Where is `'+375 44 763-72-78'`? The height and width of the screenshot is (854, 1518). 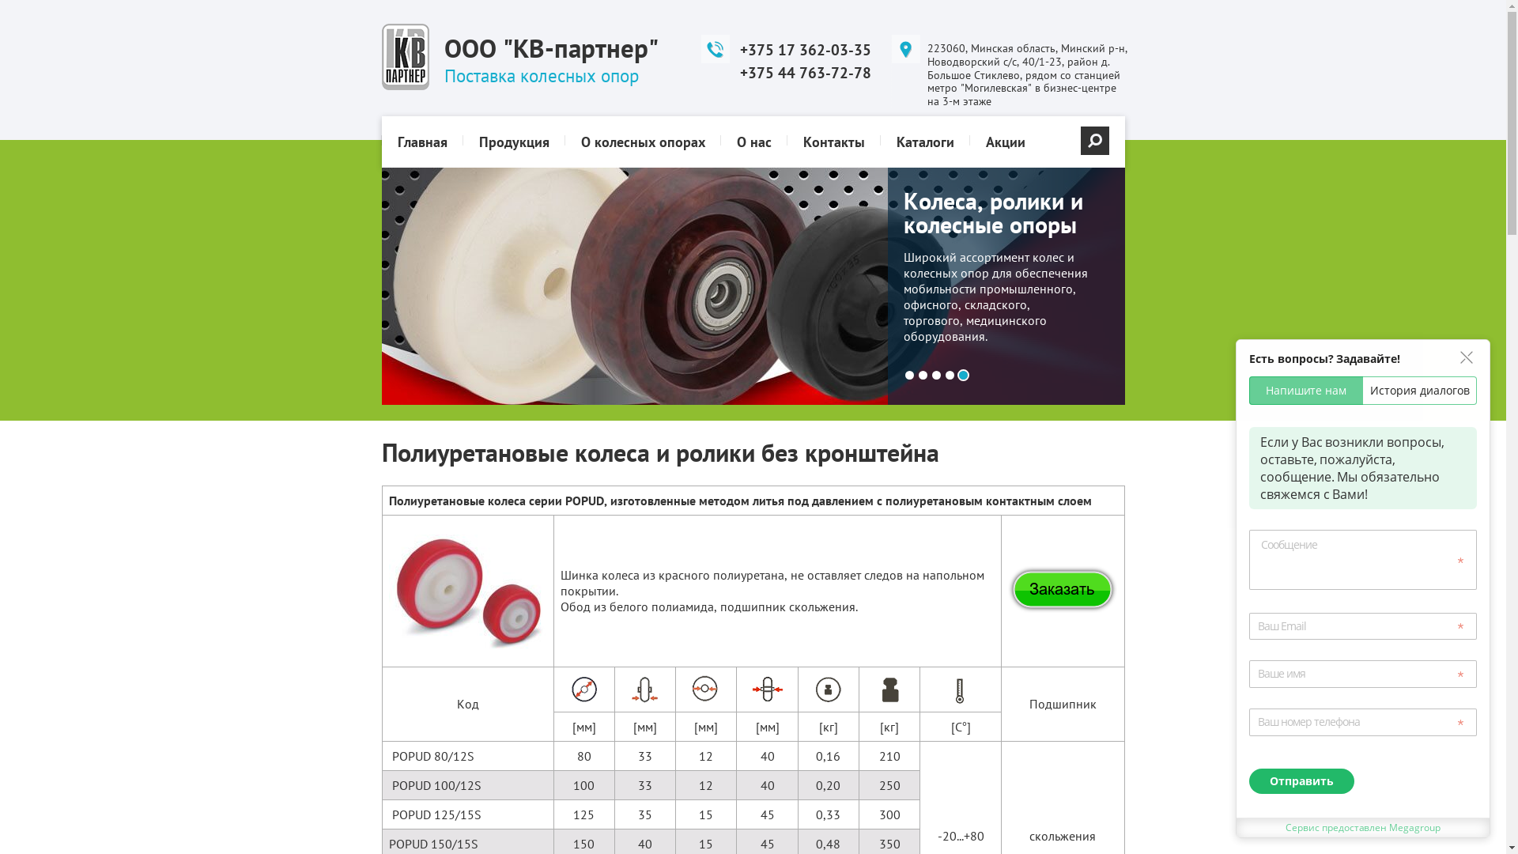 '+375 44 763-72-78' is located at coordinates (805, 73).